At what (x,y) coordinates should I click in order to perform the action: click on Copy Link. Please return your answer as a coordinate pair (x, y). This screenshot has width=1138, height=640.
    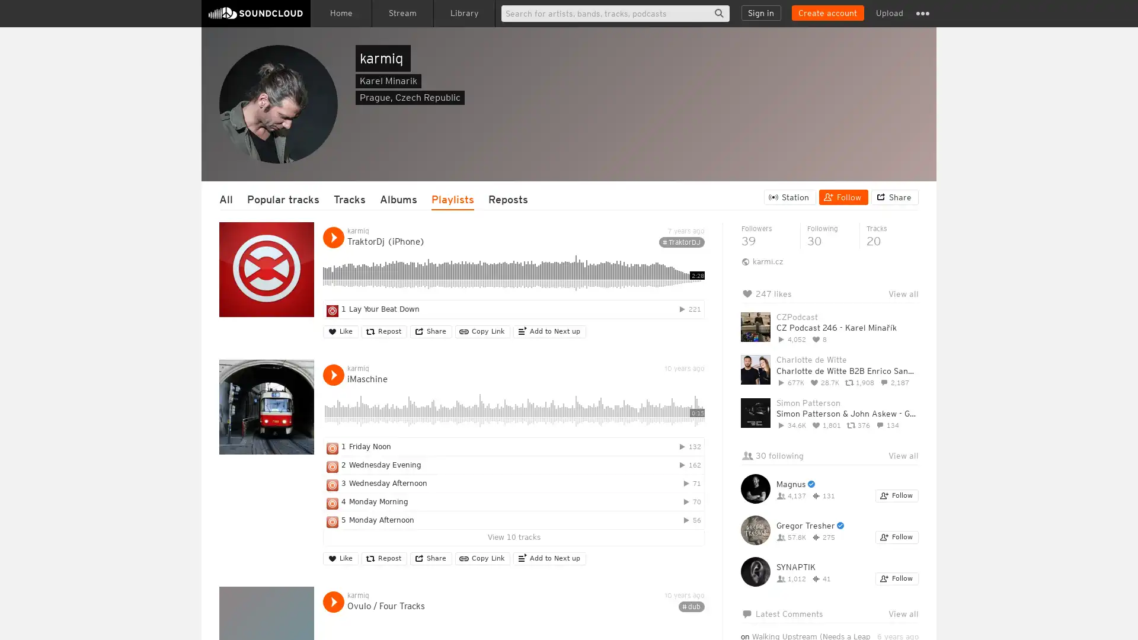
    Looking at the image, I should click on (482, 558).